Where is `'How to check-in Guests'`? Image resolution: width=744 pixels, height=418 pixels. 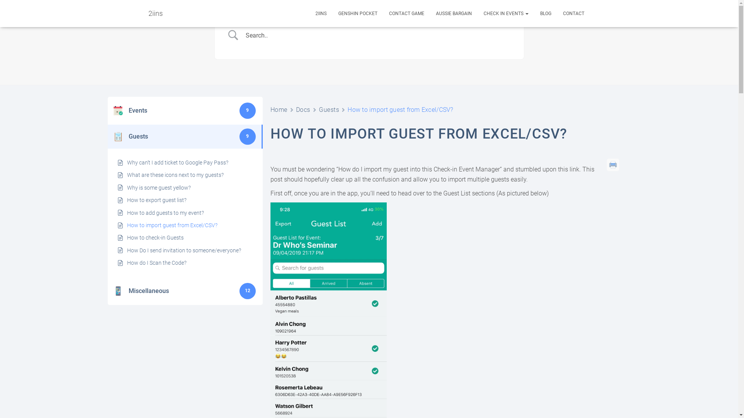
'How to check-in Guests' is located at coordinates (155, 237).